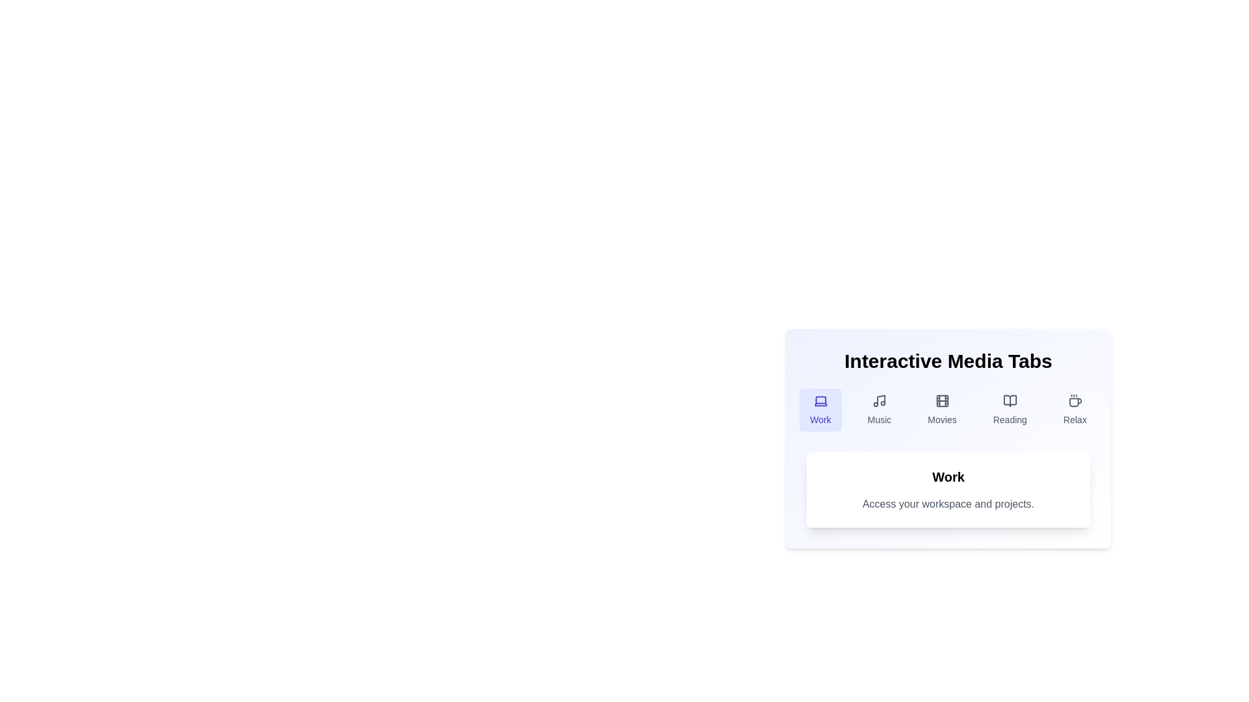 This screenshot has height=702, width=1249. Describe the element at coordinates (942, 410) in the screenshot. I see `the tab labeled Movies to observe the hover effect` at that location.